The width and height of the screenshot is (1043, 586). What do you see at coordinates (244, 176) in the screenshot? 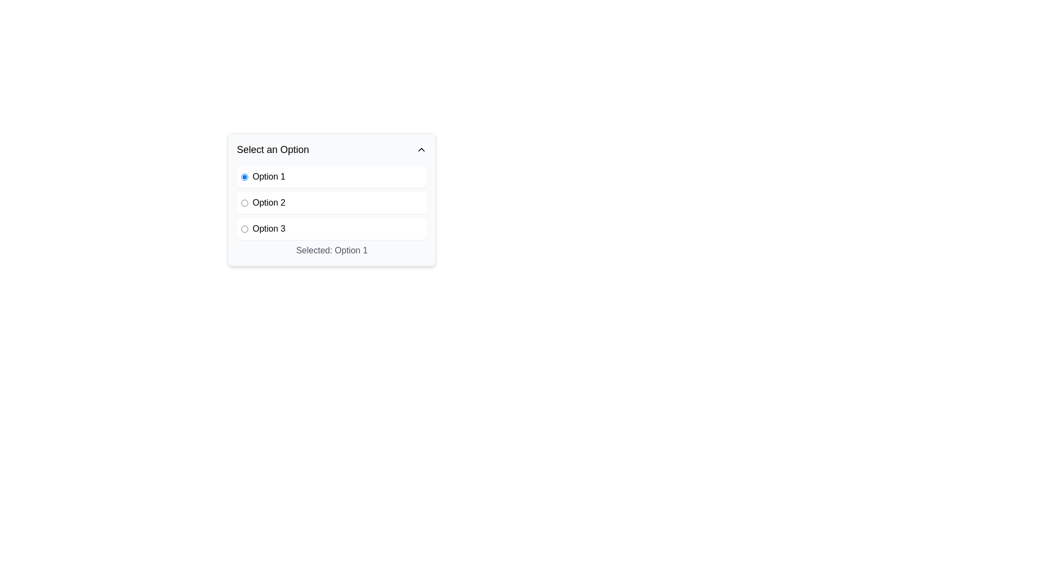
I see `the radio button for 'Option 1', which is a small circular radio button styled with a light fill and dark border, located to the left of the text 'Option 1'` at bounding box center [244, 176].